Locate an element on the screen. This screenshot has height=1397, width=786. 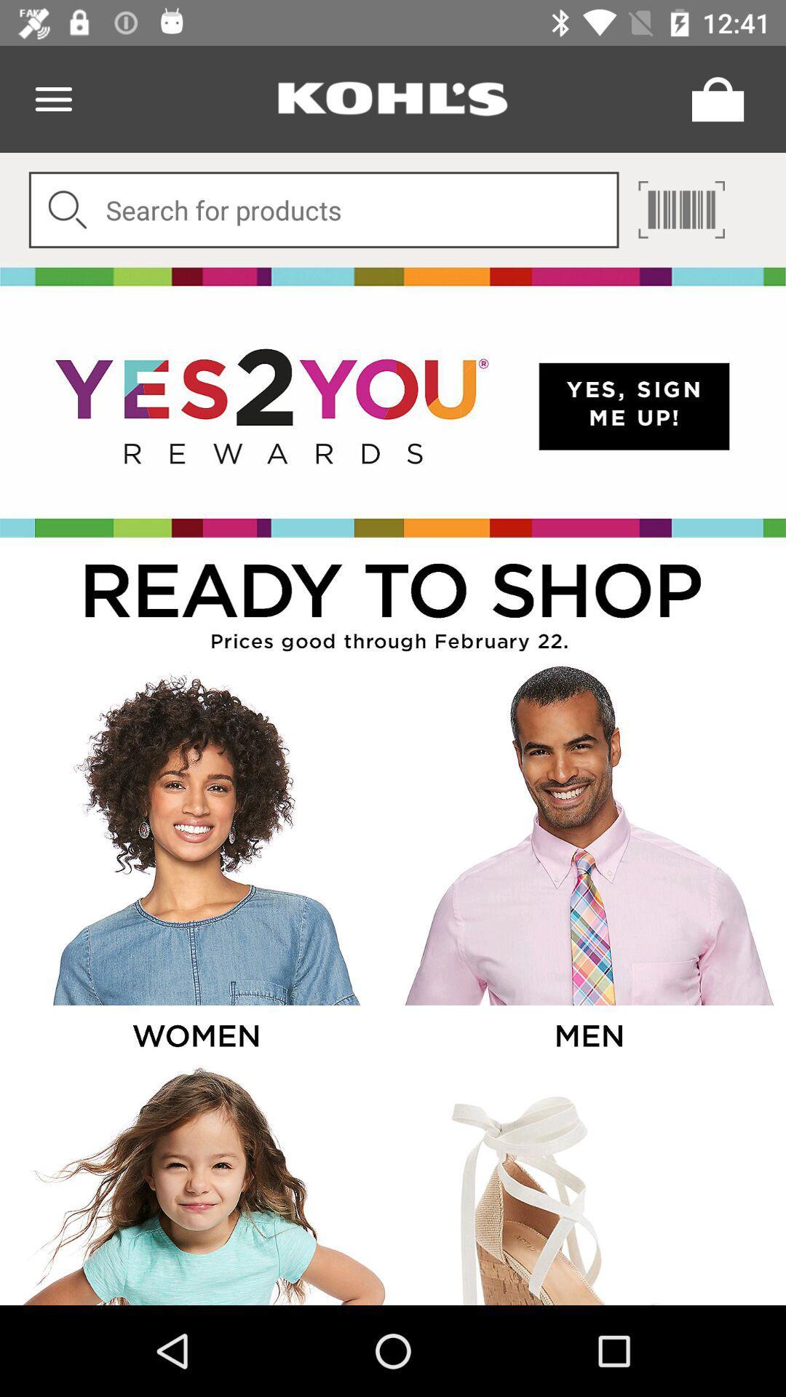
store name option is located at coordinates (393, 98).